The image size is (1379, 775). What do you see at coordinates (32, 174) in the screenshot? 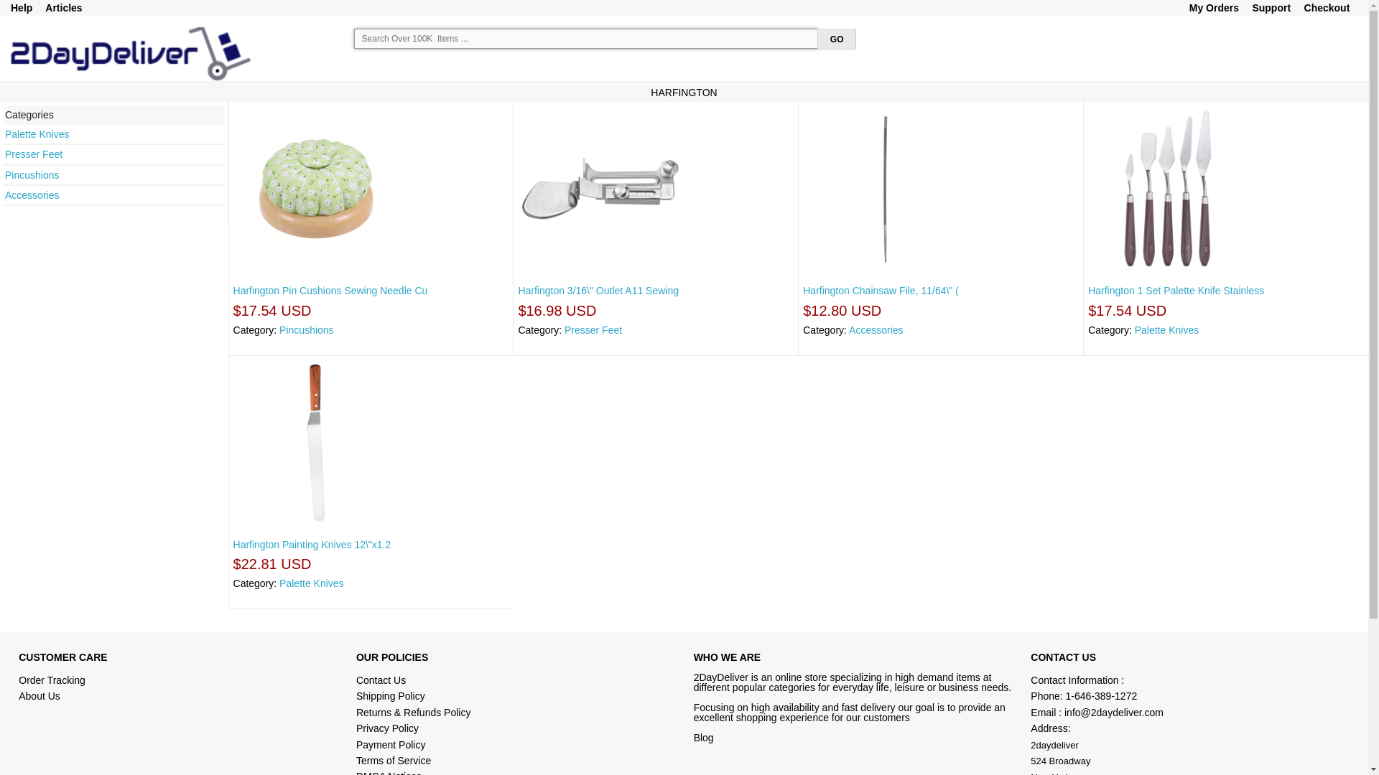
I see `'Pincushions'` at bounding box center [32, 174].